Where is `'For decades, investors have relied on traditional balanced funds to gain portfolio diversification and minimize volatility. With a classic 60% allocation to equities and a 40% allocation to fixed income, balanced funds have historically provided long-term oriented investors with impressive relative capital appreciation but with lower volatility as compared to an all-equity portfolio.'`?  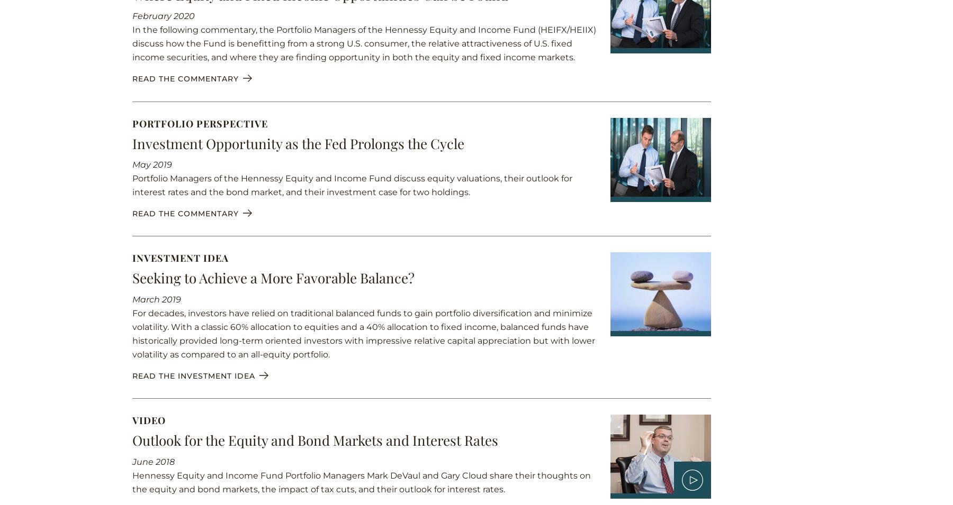 'For decades, investors have relied on traditional balanced funds to gain portfolio diversification and minimize volatility. With a classic 60% allocation to equities and a 40% allocation to fixed income, balanced funds have historically provided long-term oriented investors with impressive relative capital appreciation but with lower volatility as compared to an all-equity portfolio.' is located at coordinates (363, 334).